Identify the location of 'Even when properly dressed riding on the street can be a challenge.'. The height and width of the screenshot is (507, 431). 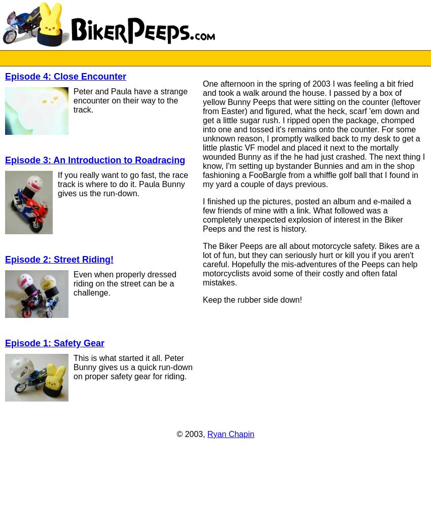
(124, 283).